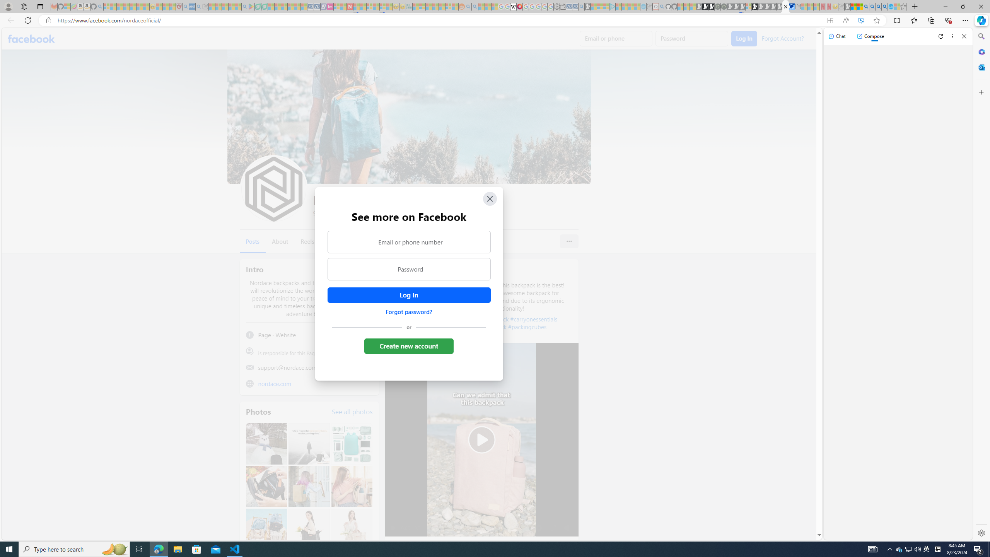  Describe the element at coordinates (409, 345) in the screenshot. I see `'Create new account'` at that location.